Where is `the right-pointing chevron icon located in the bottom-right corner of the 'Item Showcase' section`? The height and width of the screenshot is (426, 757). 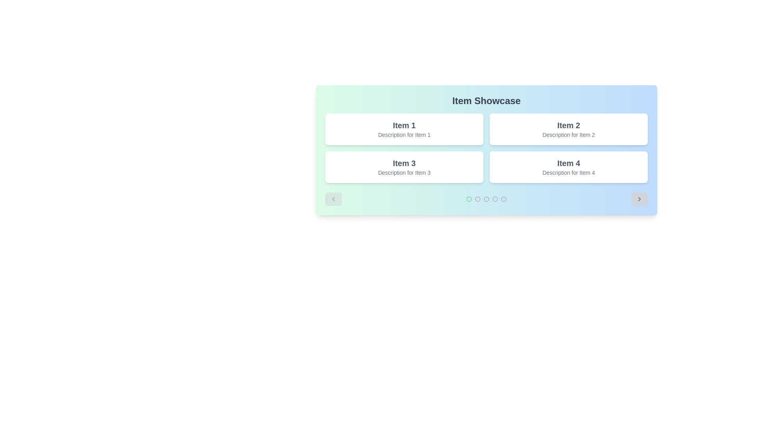 the right-pointing chevron icon located in the bottom-right corner of the 'Item Showcase' section is located at coordinates (640, 199).